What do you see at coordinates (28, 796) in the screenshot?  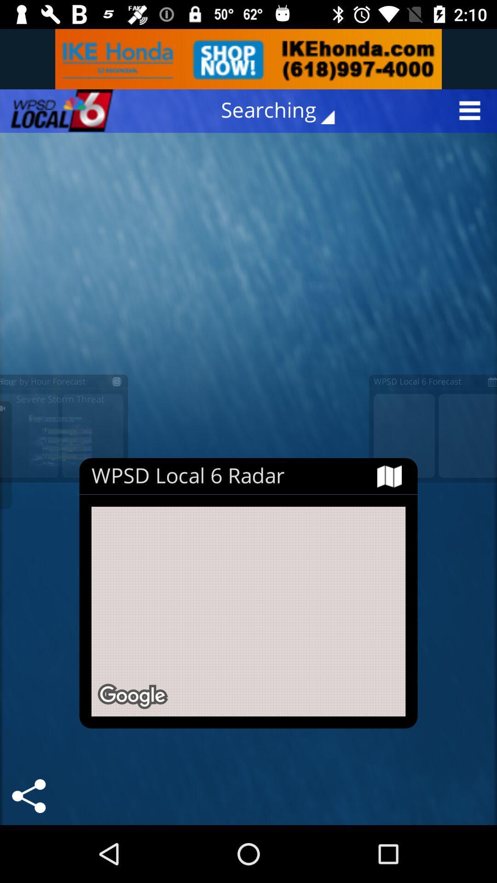 I see `the share icon` at bounding box center [28, 796].